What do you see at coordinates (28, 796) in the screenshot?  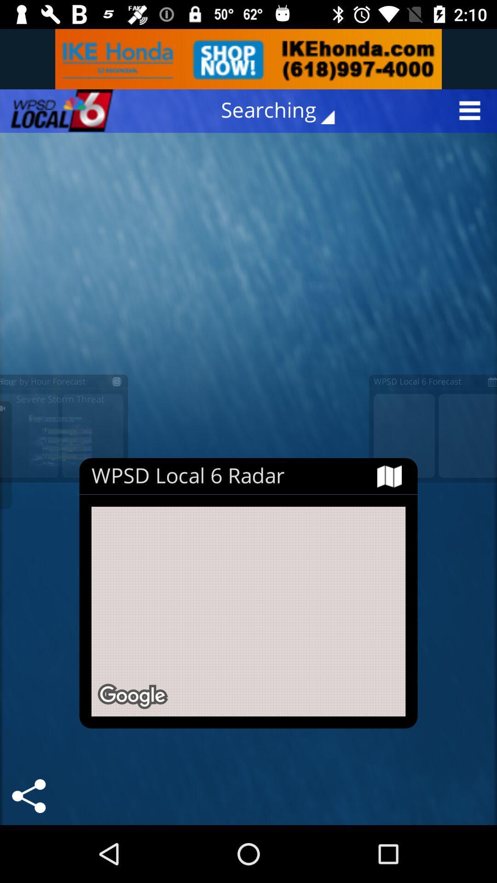 I see `the share icon` at bounding box center [28, 796].